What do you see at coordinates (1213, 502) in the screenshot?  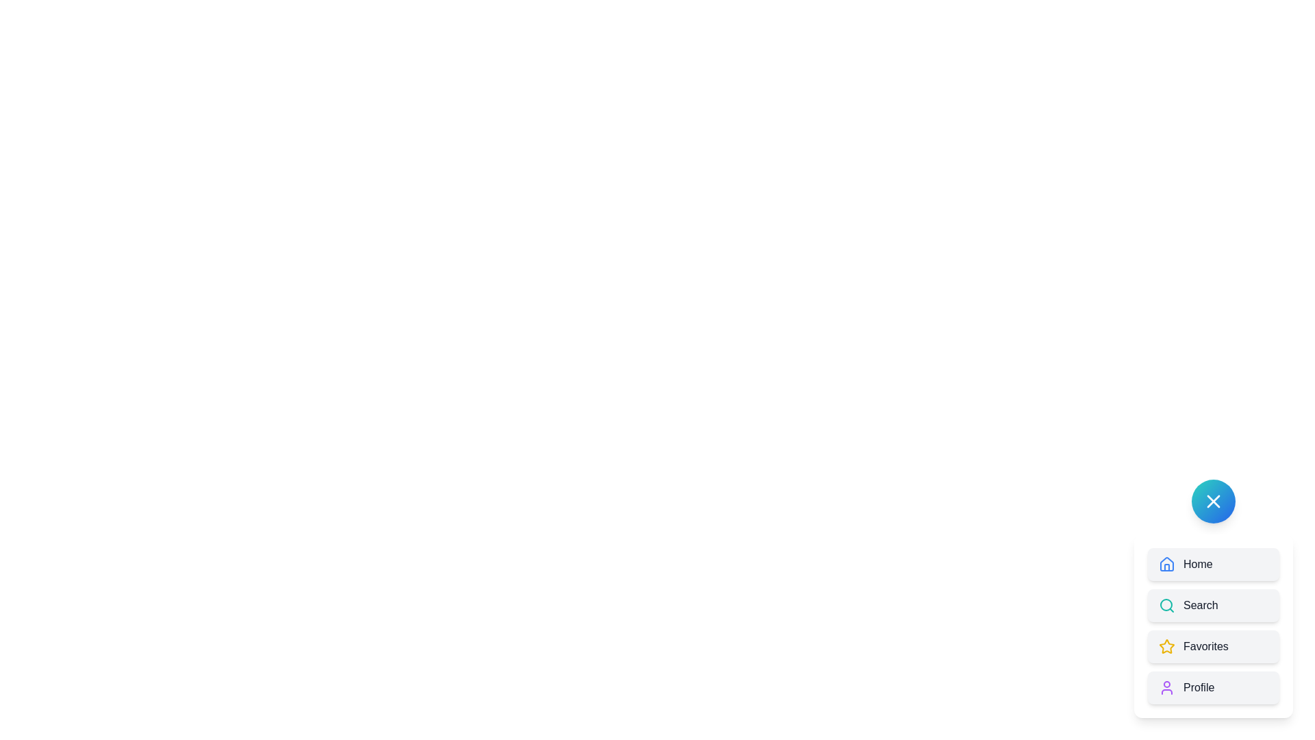 I see `the circular button with a gradient background and white 'X' icon located at the top of the interactive menu in the bottom-right corner of the display to observe hover effects` at bounding box center [1213, 502].